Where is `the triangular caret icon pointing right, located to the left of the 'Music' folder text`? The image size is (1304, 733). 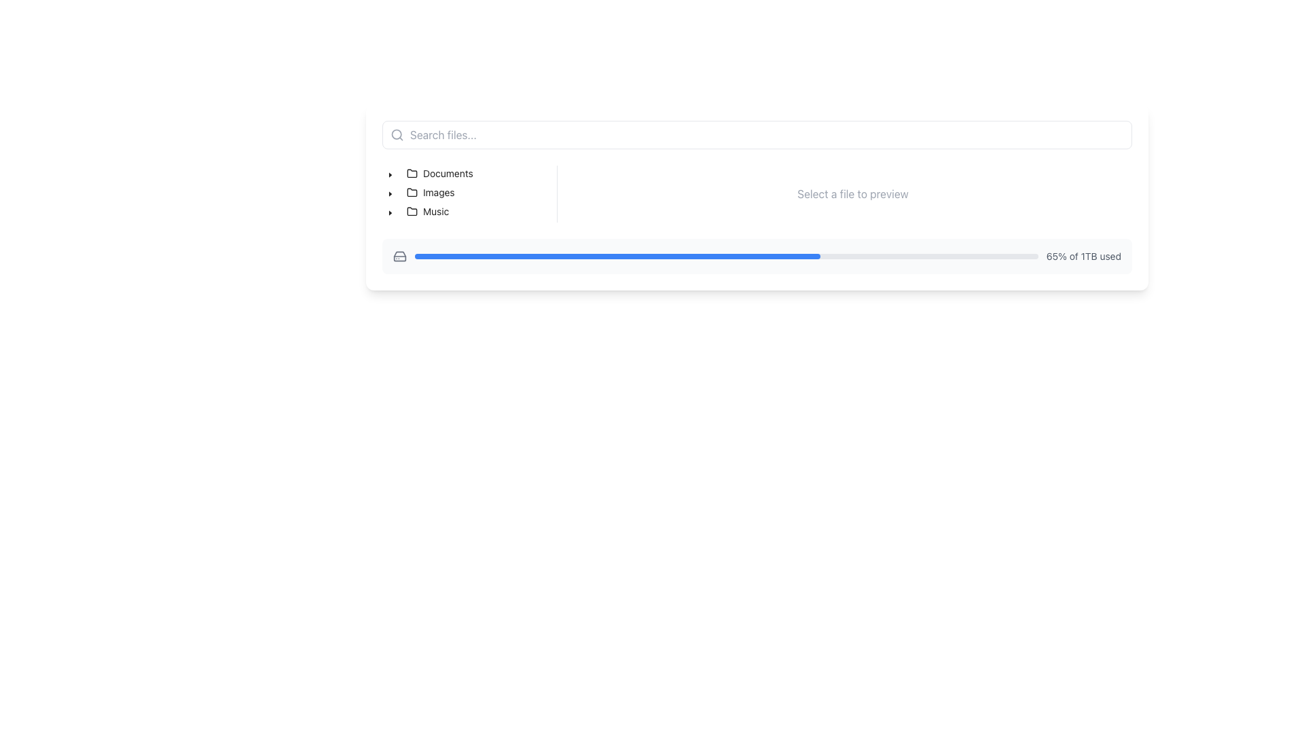
the triangular caret icon pointing right, located to the left of the 'Music' folder text is located at coordinates (390, 212).